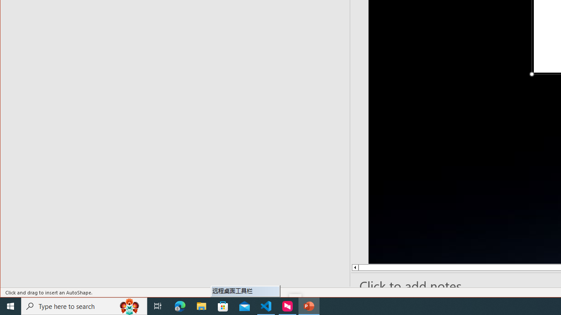 This screenshot has width=561, height=315. Describe the element at coordinates (157, 305) in the screenshot. I see `'Task View'` at that location.